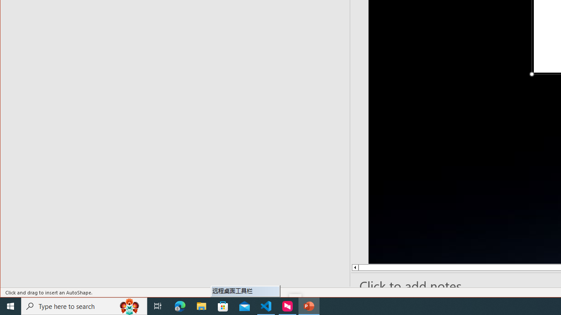 This screenshot has width=561, height=315. Describe the element at coordinates (157, 305) in the screenshot. I see `'Task View'` at that location.